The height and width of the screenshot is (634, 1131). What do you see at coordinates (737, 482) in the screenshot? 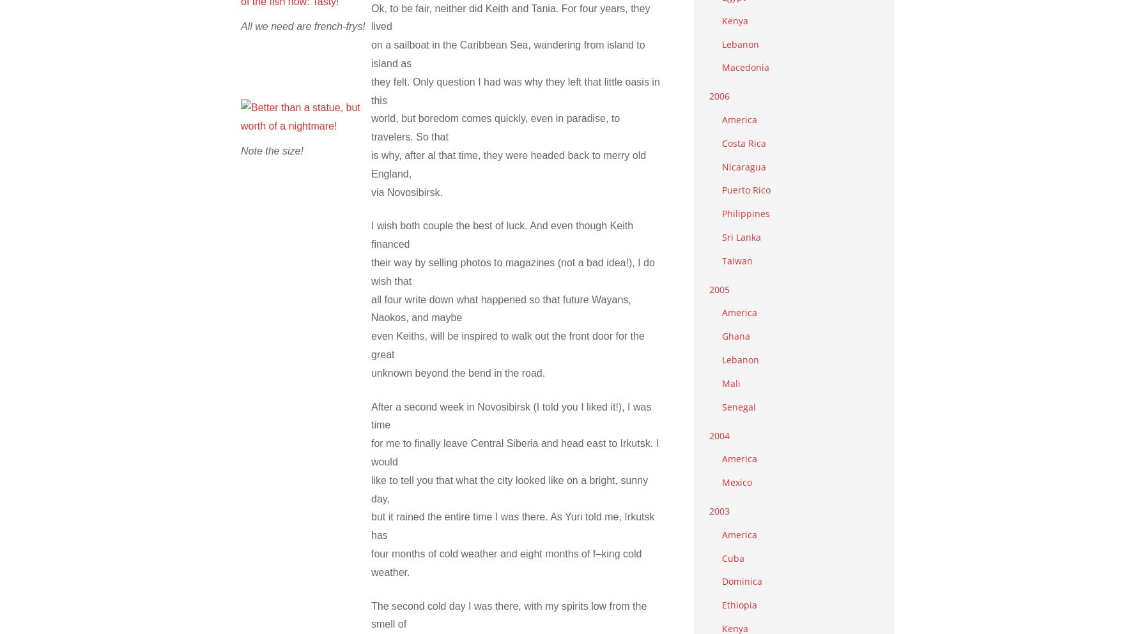
I see `'Mexico'` at bounding box center [737, 482].